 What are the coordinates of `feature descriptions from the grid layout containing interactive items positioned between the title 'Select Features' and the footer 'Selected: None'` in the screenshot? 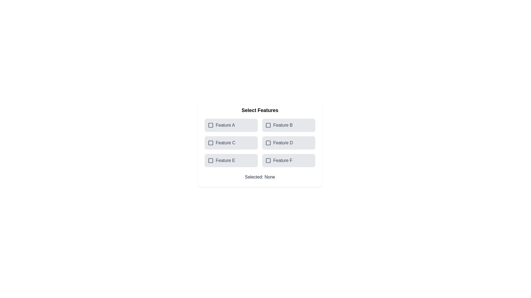 It's located at (260, 142).